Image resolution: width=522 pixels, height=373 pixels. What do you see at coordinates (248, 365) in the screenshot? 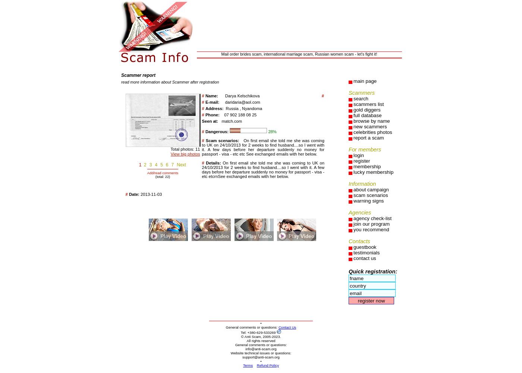
I see `'Terms'` at bounding box center [248, 365].